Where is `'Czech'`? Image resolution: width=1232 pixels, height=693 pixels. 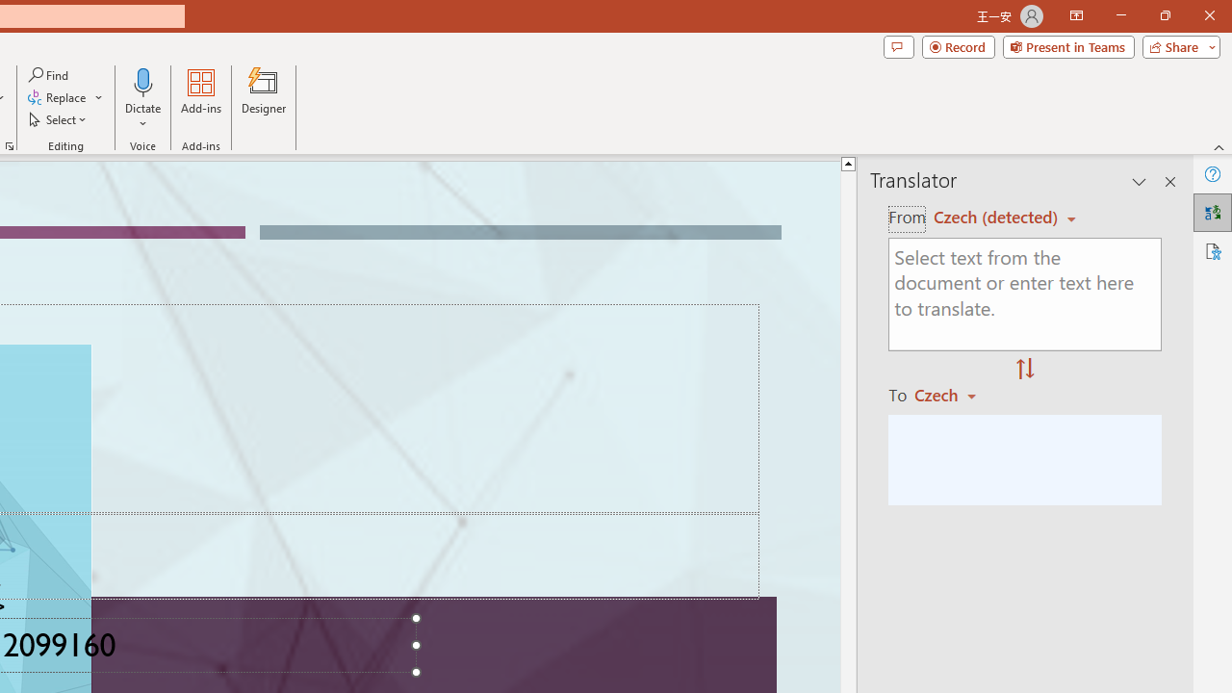 'Czech' is located at coordinates (954, 394).